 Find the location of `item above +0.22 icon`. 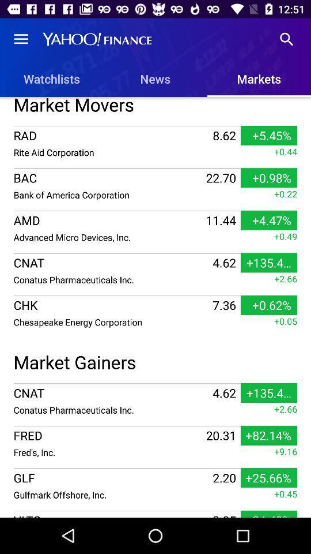

item above +0.22 icon is located at coordinates (155, 168).